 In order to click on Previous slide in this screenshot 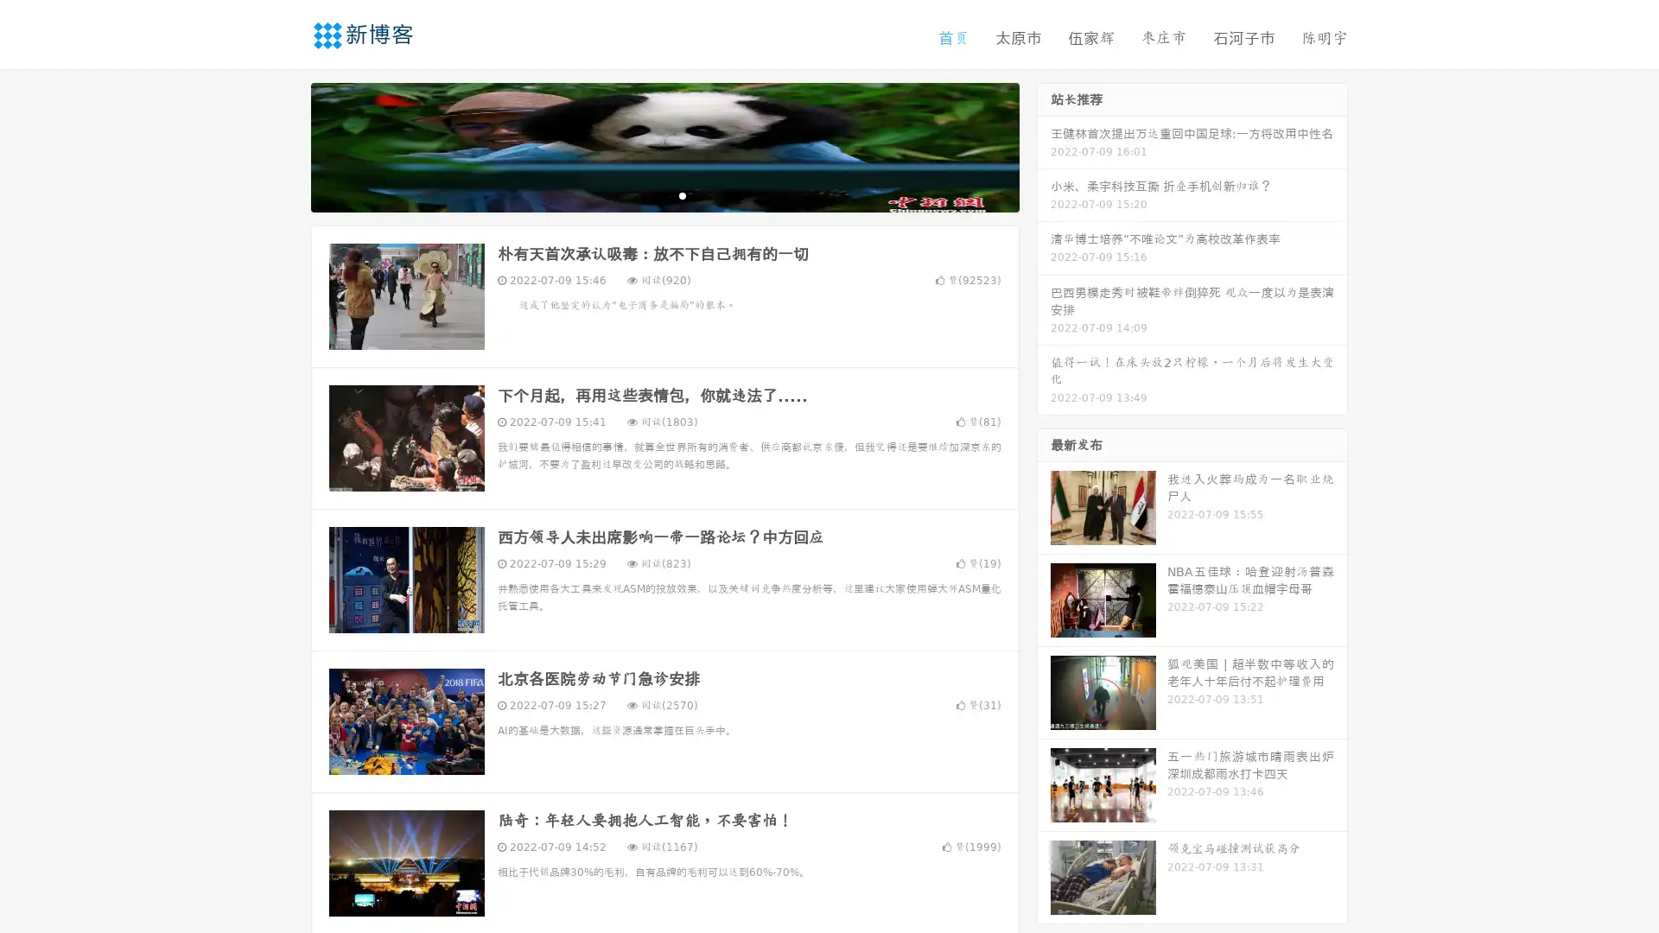, I will do `click(285, 145)`.